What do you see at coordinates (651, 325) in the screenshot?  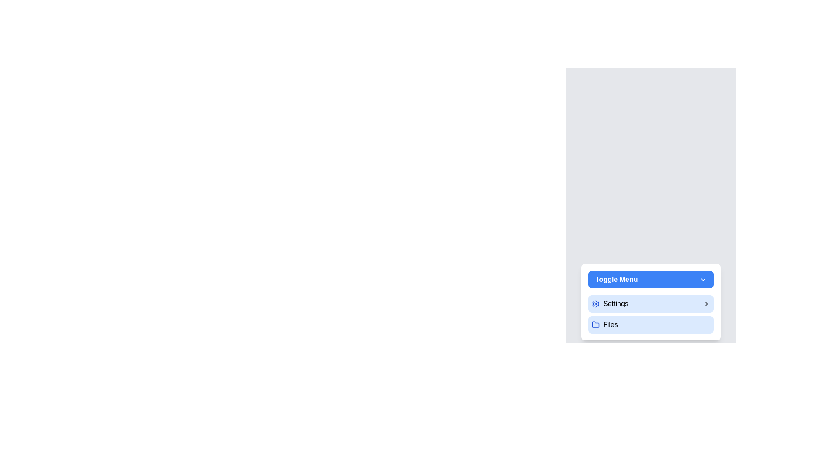 I see `the 'Files' menu item` at bounding box center [651, 325].